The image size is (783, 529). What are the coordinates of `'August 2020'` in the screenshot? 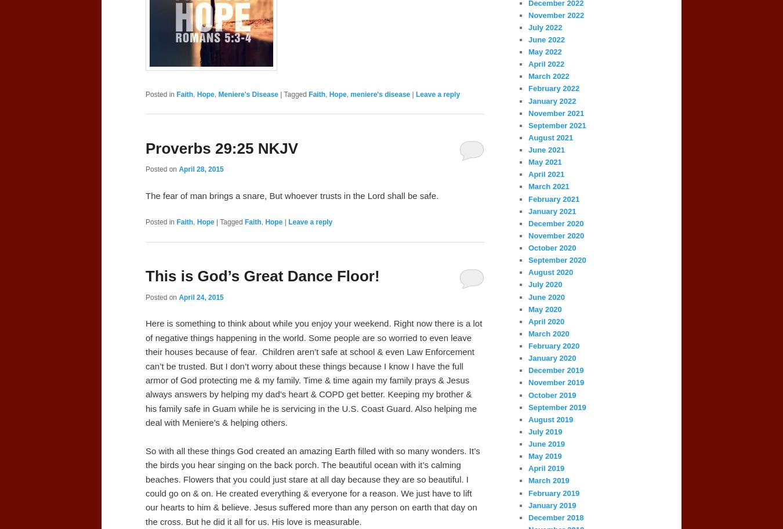 It's located at (527, 272).